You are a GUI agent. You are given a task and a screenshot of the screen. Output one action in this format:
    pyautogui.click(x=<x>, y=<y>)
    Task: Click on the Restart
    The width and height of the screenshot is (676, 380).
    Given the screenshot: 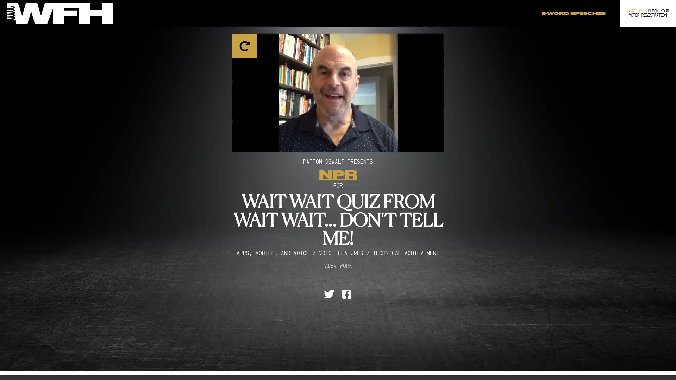 What is the action you would take?
    pyautogui.click(x=338, y=87)
    